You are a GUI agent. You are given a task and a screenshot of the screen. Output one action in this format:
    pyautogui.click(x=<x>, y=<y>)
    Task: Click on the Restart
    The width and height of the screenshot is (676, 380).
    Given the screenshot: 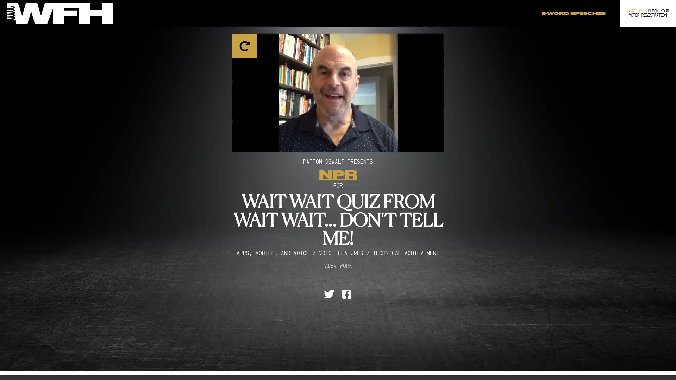 What is the action you would take?
    pyautogui.click(x=338, y=87)
    